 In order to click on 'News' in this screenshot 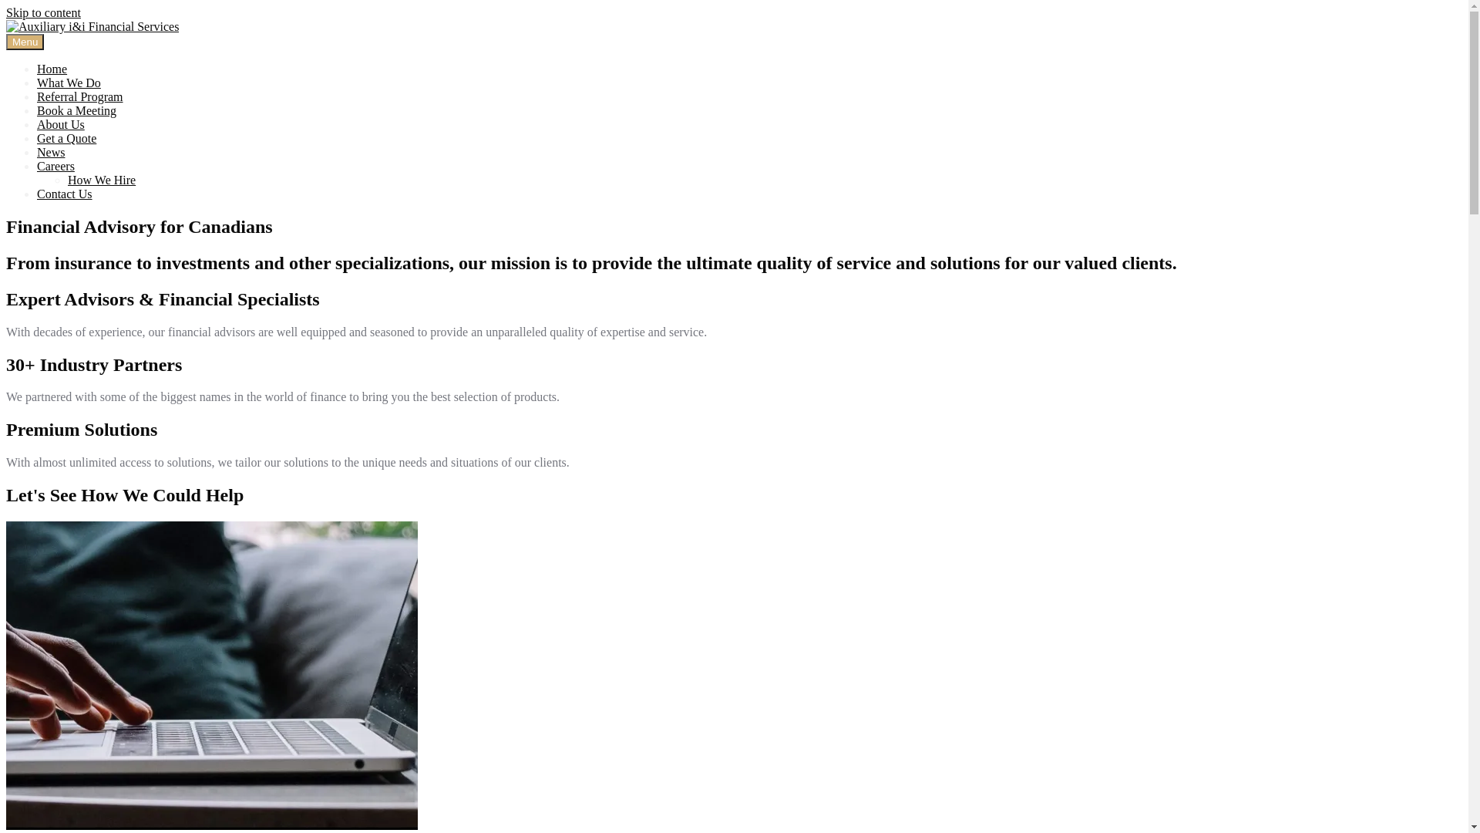, I will do `click(51, 152)`.